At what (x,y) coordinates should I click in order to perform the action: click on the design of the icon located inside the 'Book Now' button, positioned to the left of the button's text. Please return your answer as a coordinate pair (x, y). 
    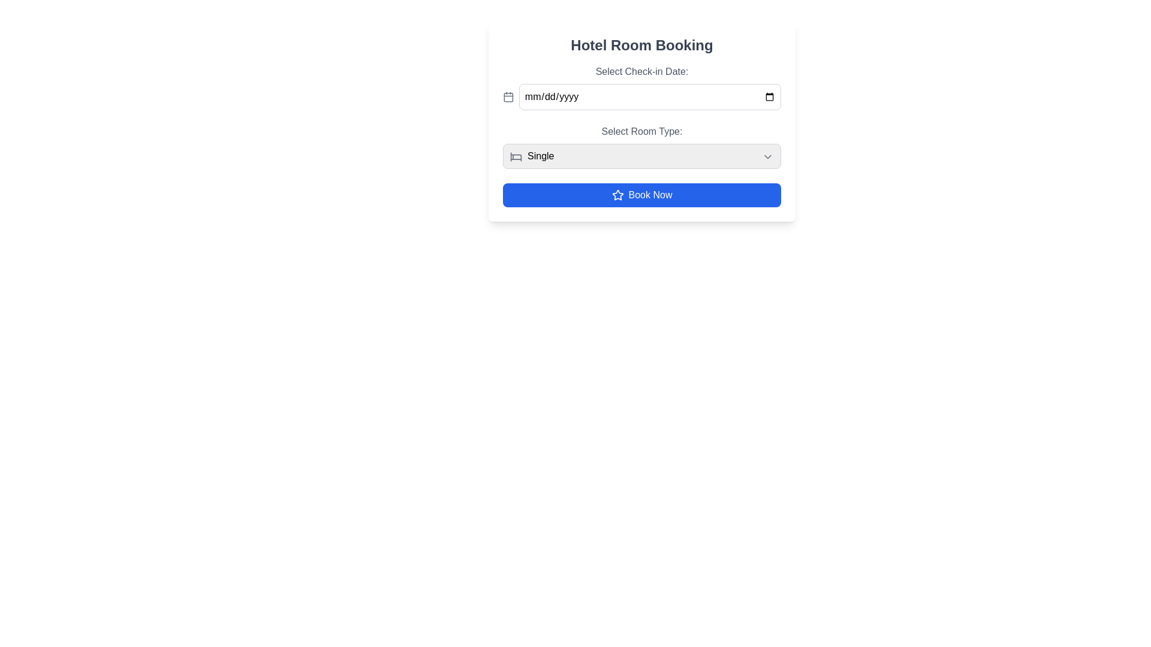
    Looking at the image, I should click on (617, 195).